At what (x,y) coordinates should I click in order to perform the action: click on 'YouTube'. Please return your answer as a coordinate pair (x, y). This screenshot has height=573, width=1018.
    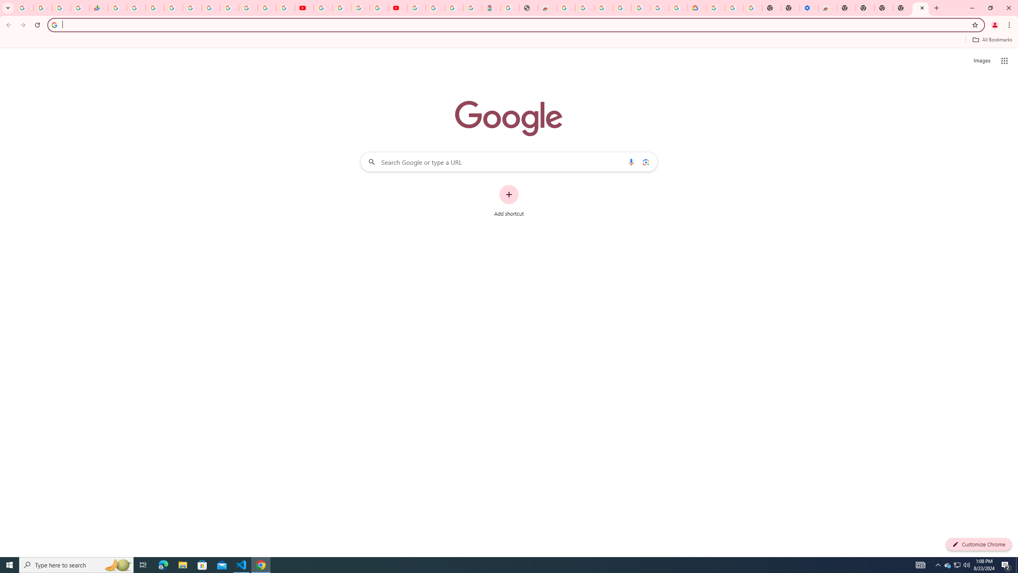
    Looking at the image, I should click on (304, 8).